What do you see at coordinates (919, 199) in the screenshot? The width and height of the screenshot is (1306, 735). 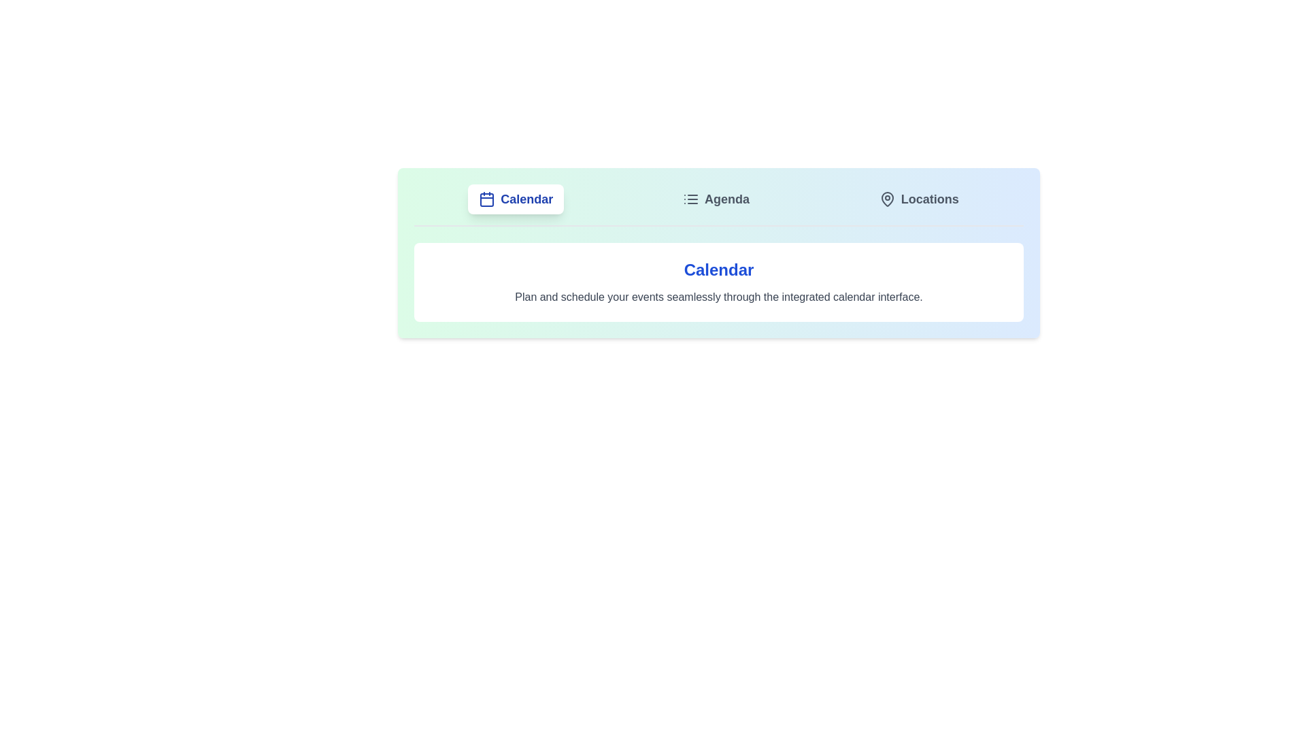 I see `the tab labeled 'Locations' to observe visual feedback` at bounding box center [919, 199].